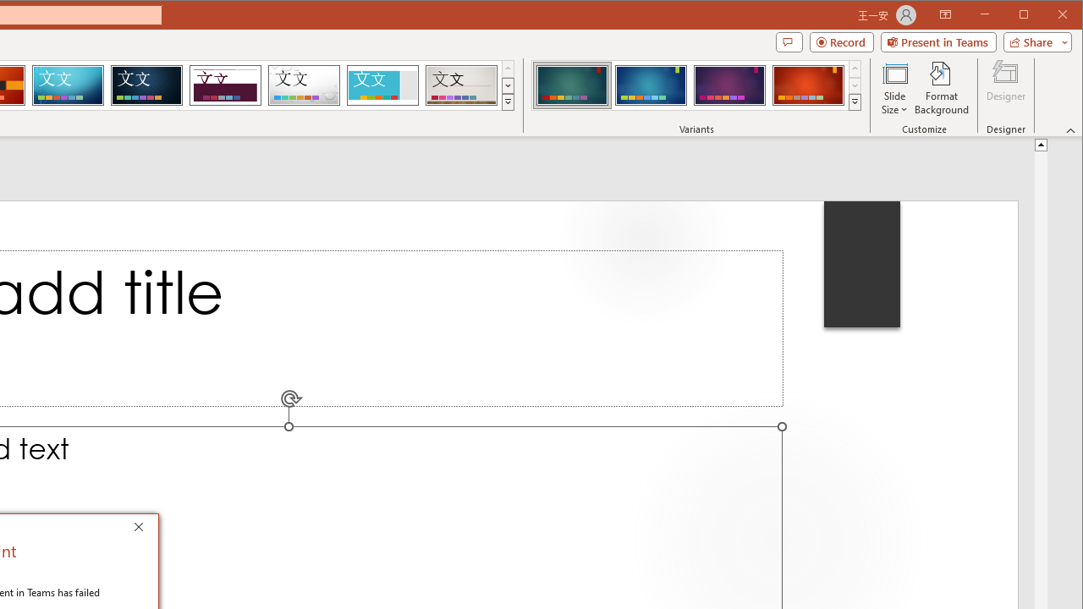  What do you see at coordinates (855, 68) in the screenshot?
I see `'Row up'` at bounding box center [855, 68].